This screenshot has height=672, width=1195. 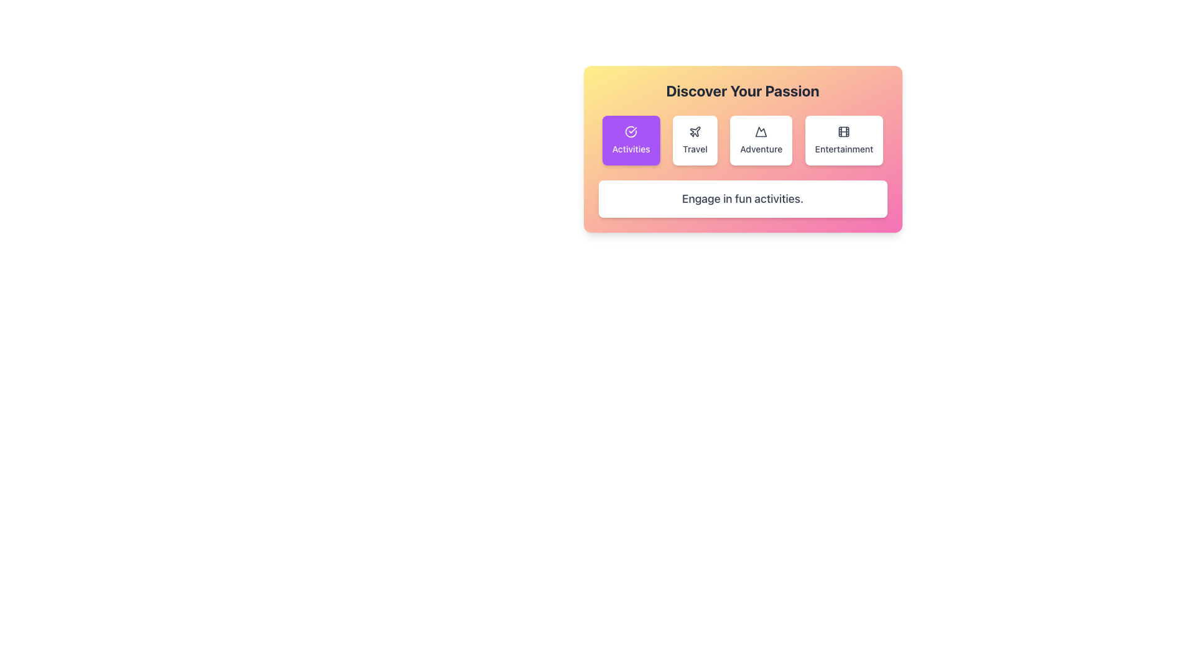 I want to click on the 'Entertainment' icon, so click(x=844, y=132).